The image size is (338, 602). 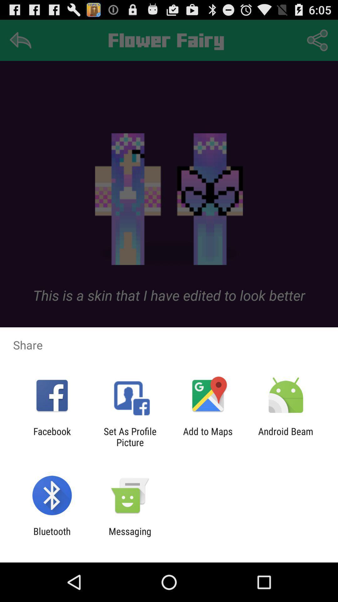 What do you see at coordinates (208, 436) in the screenshot?
I see `add to maps item` at bounding box center [208, 436].